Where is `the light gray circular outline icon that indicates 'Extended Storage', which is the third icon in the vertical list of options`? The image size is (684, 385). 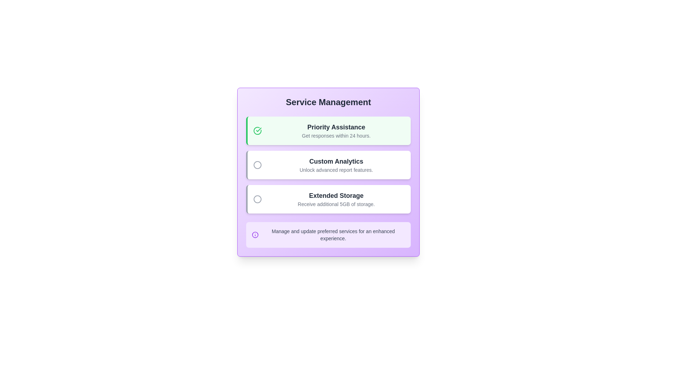
the light gray circular outline icon that indicates 'Extended Storage', which is the third icon in the vertical list of options is located at coordinates (257, 199).